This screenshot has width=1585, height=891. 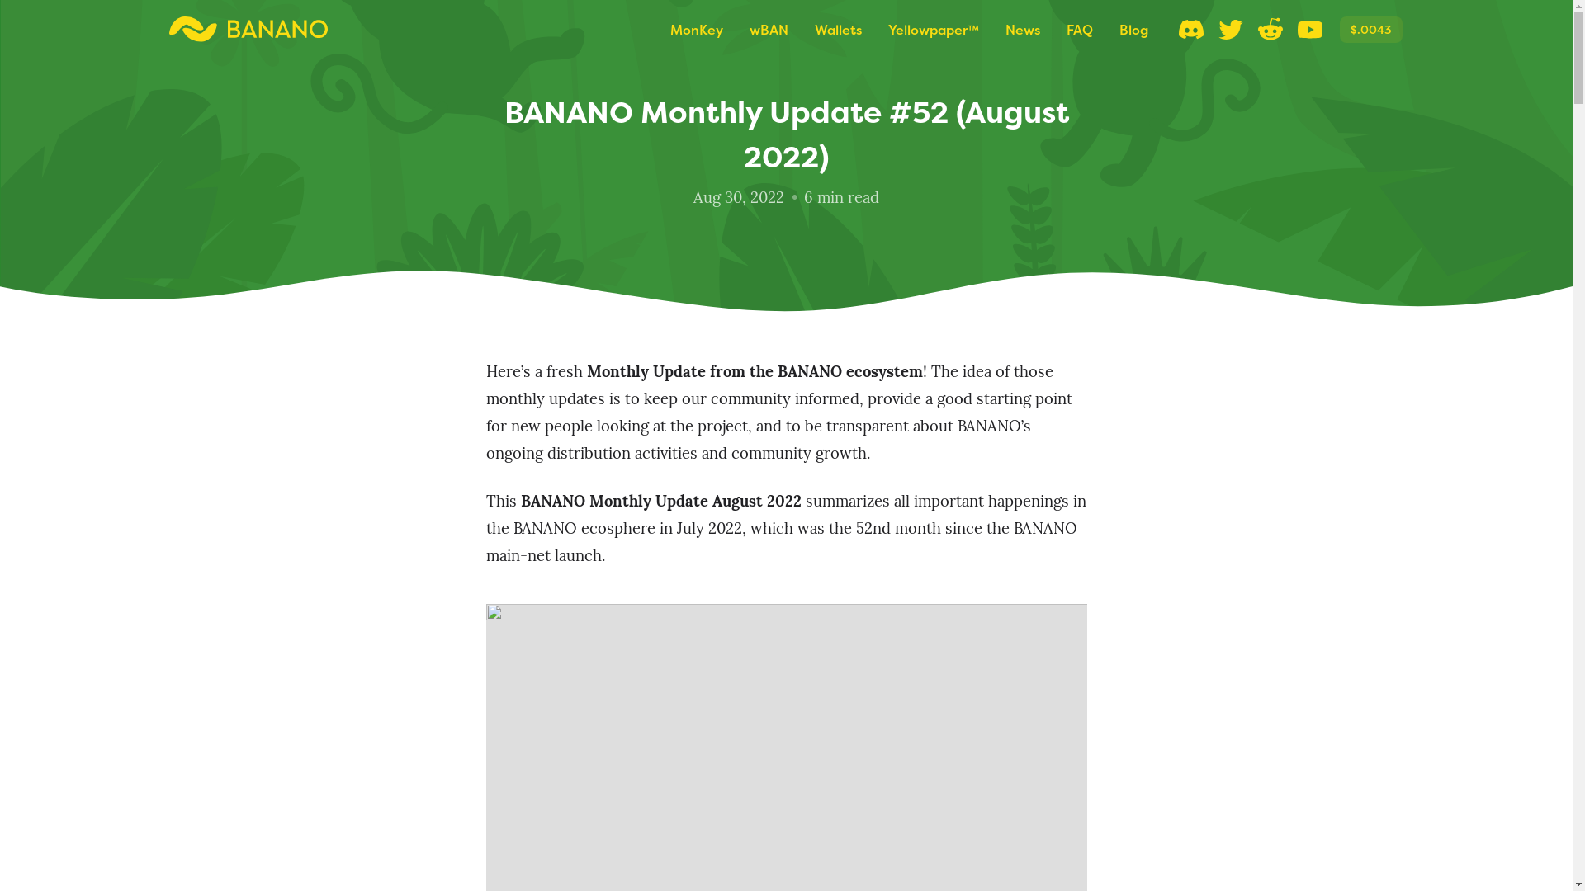 I want to click on 'Wallets', so click(x=837, y=30).